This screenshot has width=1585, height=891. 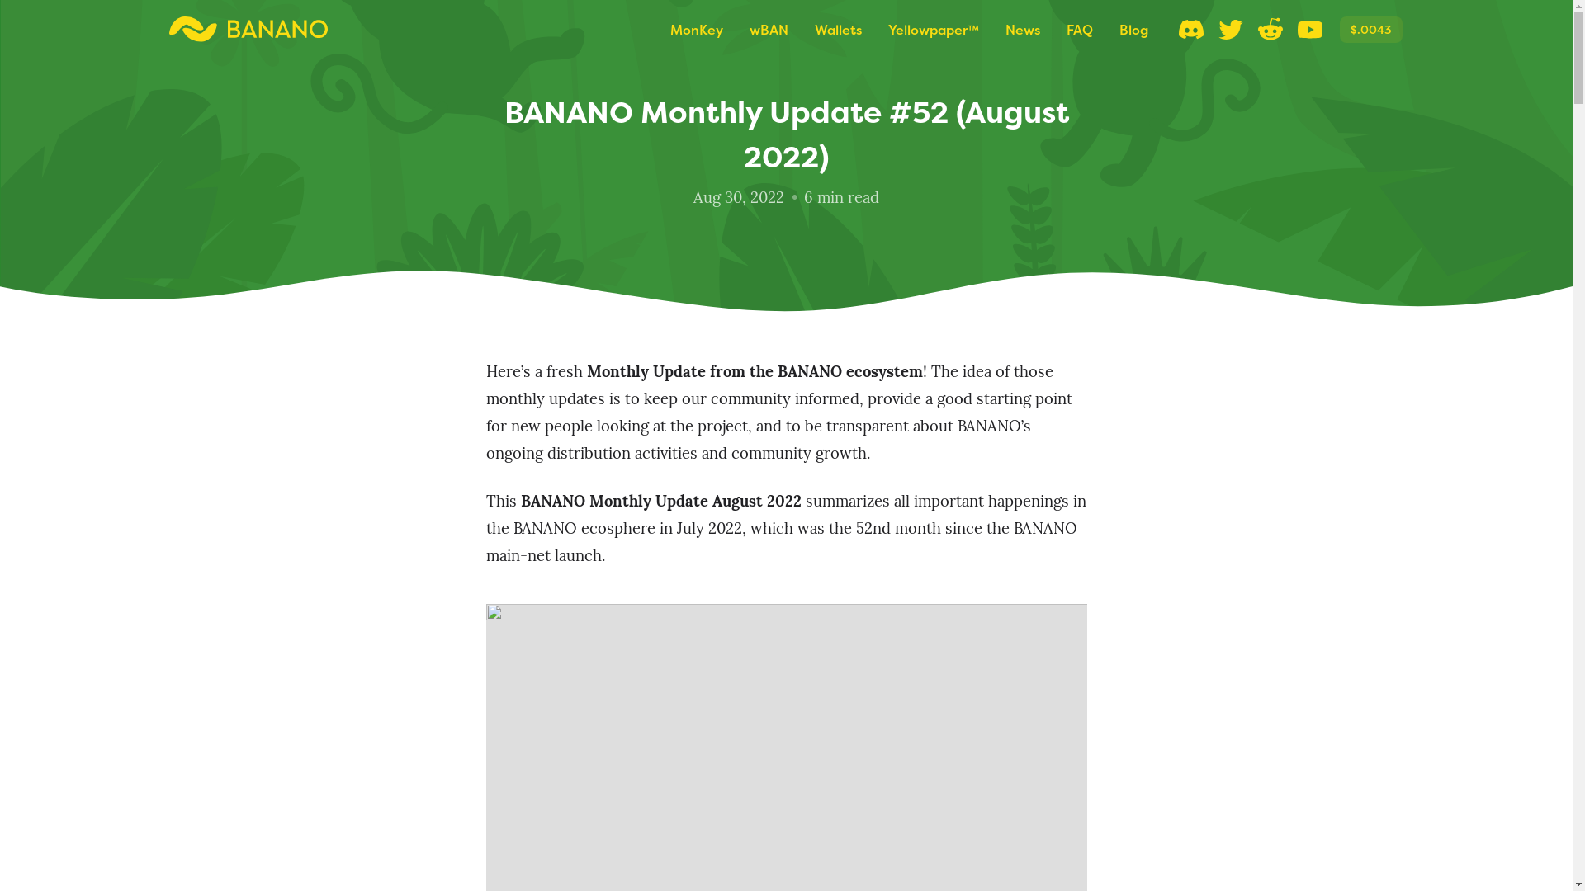 I want to click on 'Wallets', so click(x=837, y=30).